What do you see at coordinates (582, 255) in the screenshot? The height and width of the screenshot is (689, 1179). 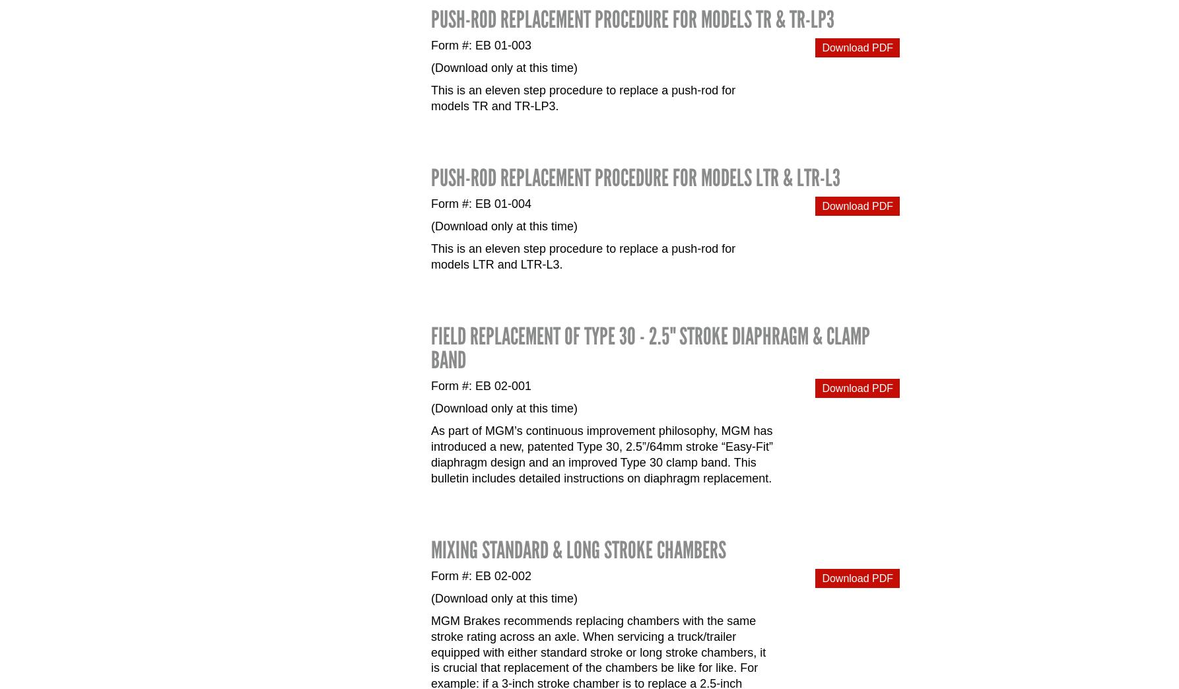 I see `'This is an eleven step procedure to replace a push-rod for models LTR and LTR-L3.'` at bounding box center [582, 255].